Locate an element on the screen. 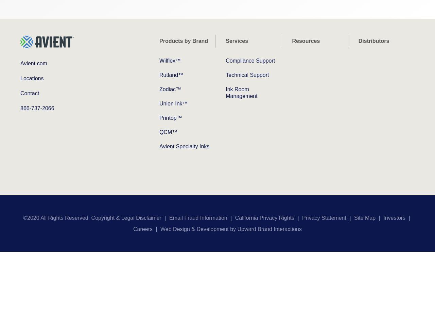 The width and height of the screenshot is (435, 313). '866-737-2066' is located at coordinates (37, 108).